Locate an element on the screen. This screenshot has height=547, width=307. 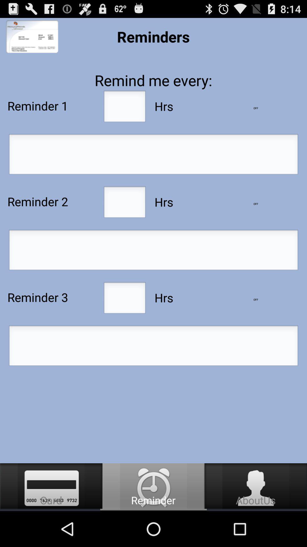
turn off is located at coordinates (255, 204).